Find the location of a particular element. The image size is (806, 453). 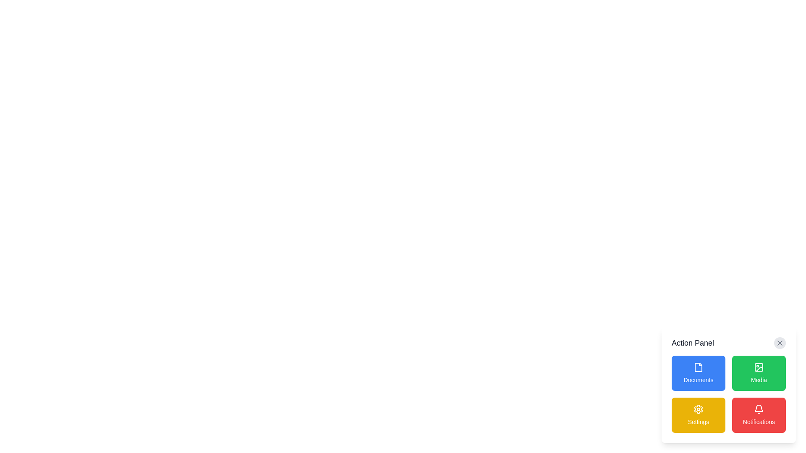

the 'Notifications' button located at the bottom-right corner of the action panel is located at coordinates (759, 422).